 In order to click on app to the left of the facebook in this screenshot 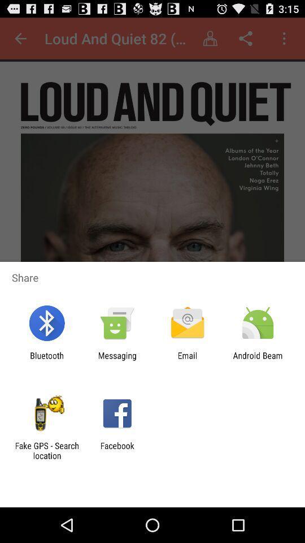, I will do `click(46, 450)`.